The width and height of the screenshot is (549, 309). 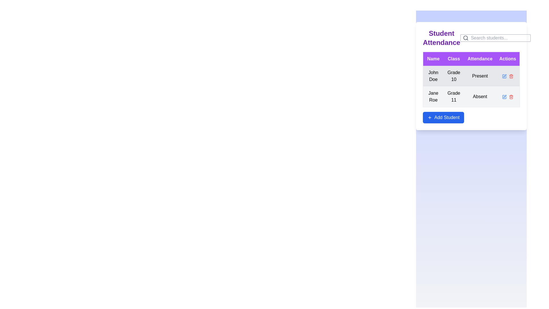 I want to click on the delete icon button located in the 'Actions' column of the second row for 'Jane Roe' in the student attendance table, so click(x=511, y=96).